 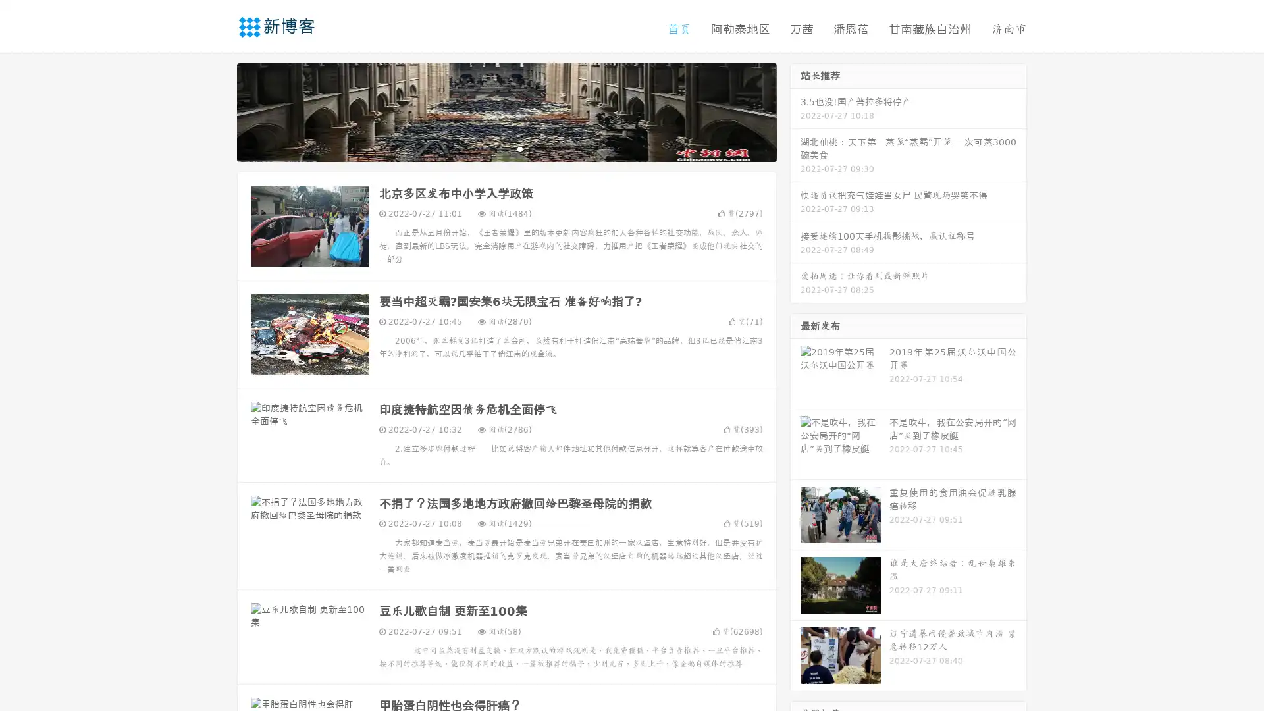 What do you see at coordinates (519, 148) in the screenshot?
I see `Go to slide 3` at bounding box center [519, 148].